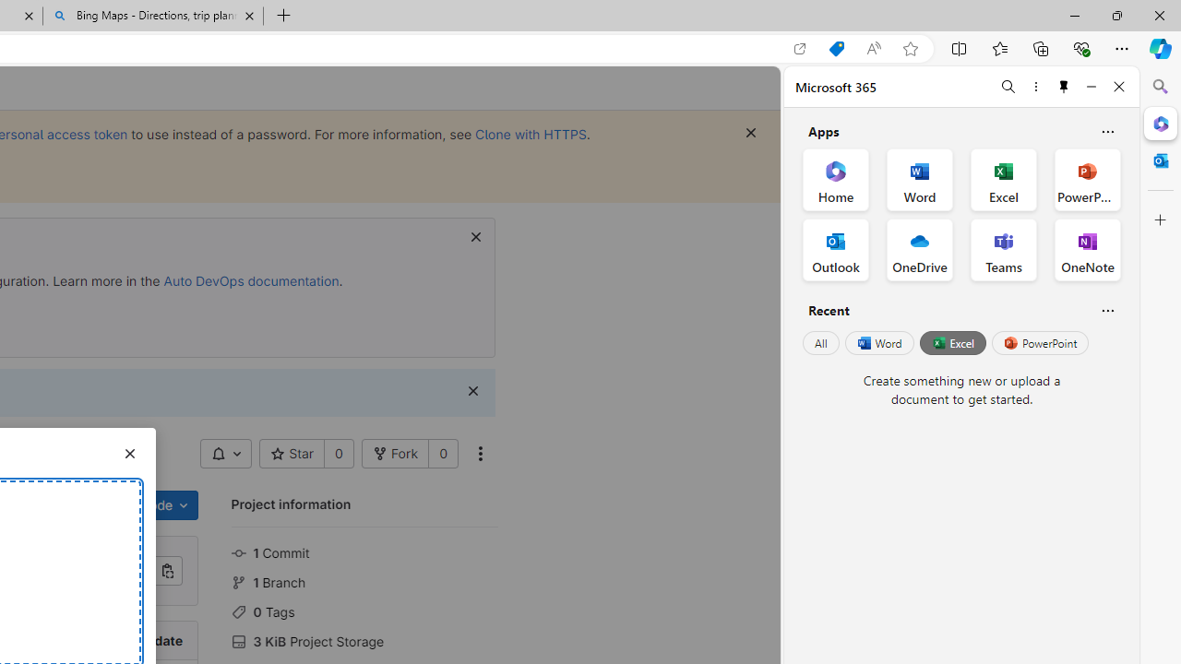  Describe the element at coordinates (820, 343) in the screenshot. I see `'All'` at that location.